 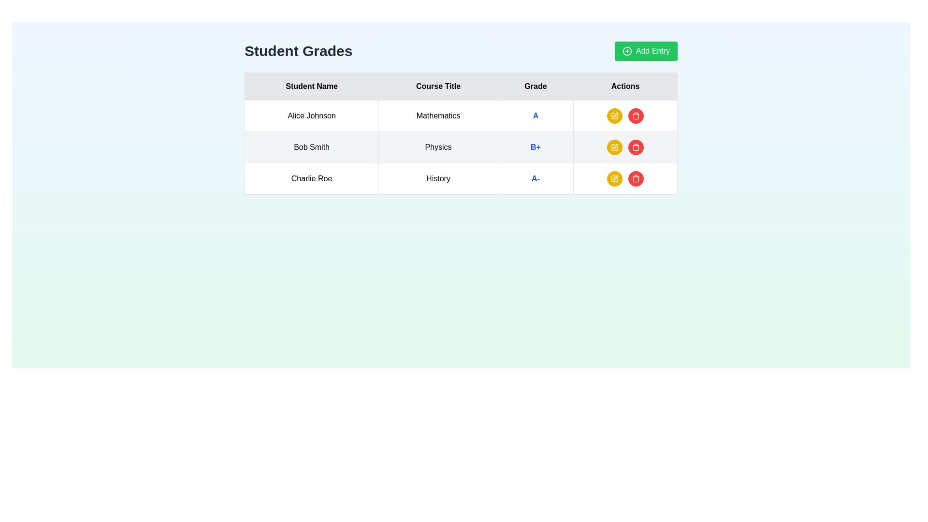 I want to click on the text label that identifies the column containing course titles in the table, located between the 'Student Name' and 'Grade' columns, so click(x=438, y=86).